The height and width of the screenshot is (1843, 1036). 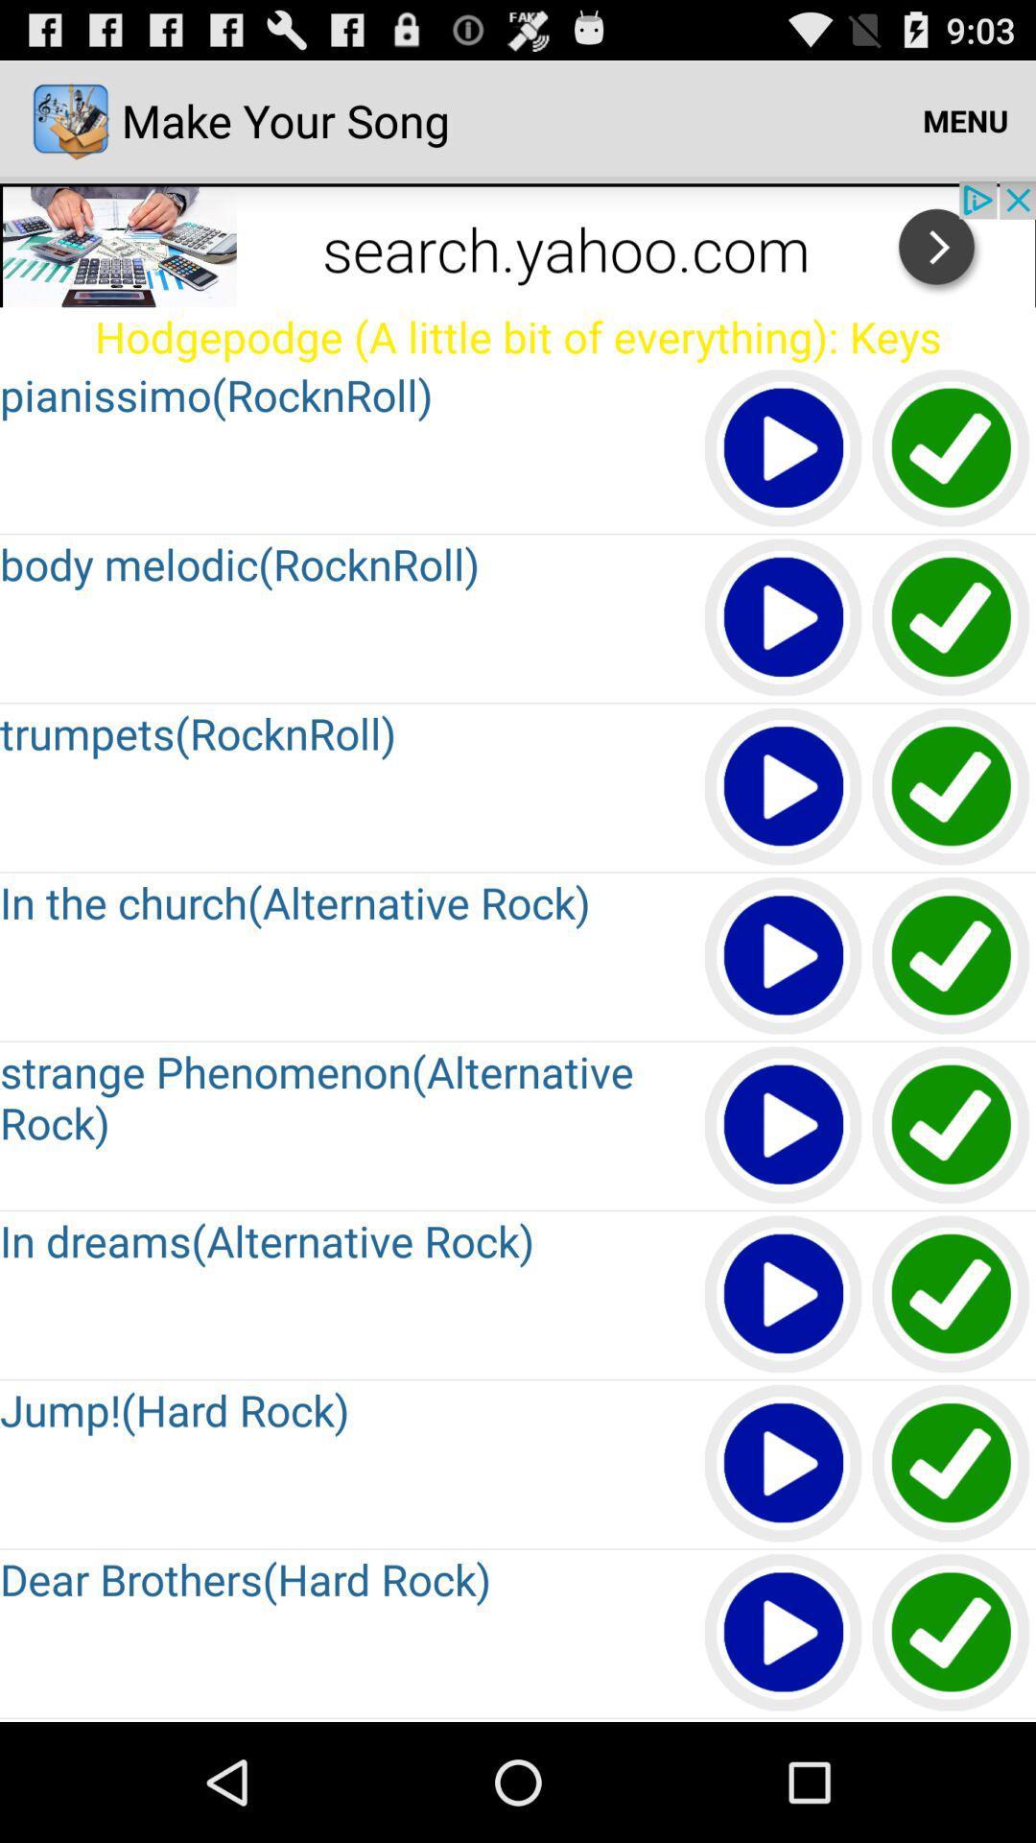 I want to click on play, so click(x=784, y=1633).